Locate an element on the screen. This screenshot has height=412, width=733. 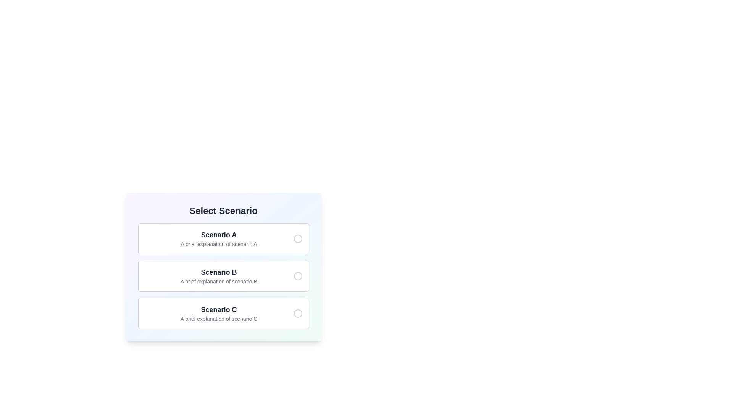
the hollow circle radio button indicator located to the right of 'Scenario C' is located at coordinates (297, 313).